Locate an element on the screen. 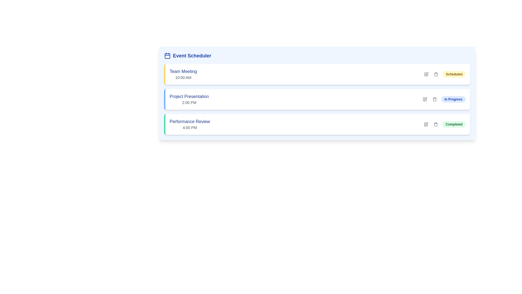 The width and height of the screenshot is (522, 294). the text label displaying 'Performance Review' which is in bold, dark blue font, positioned in the third row of event blocks, above the time detail '4:00 PM' is located at coordinates (190, 121).